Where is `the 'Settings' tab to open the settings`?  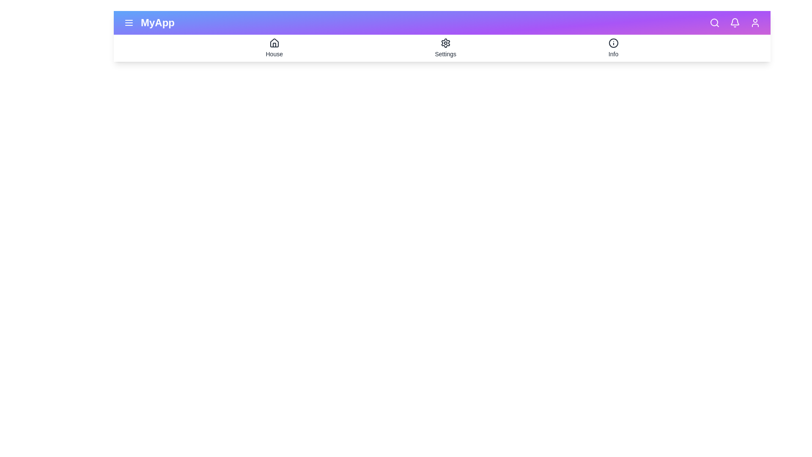
the 'Settings' tab to open the settings is located at coordinates (444, 48).